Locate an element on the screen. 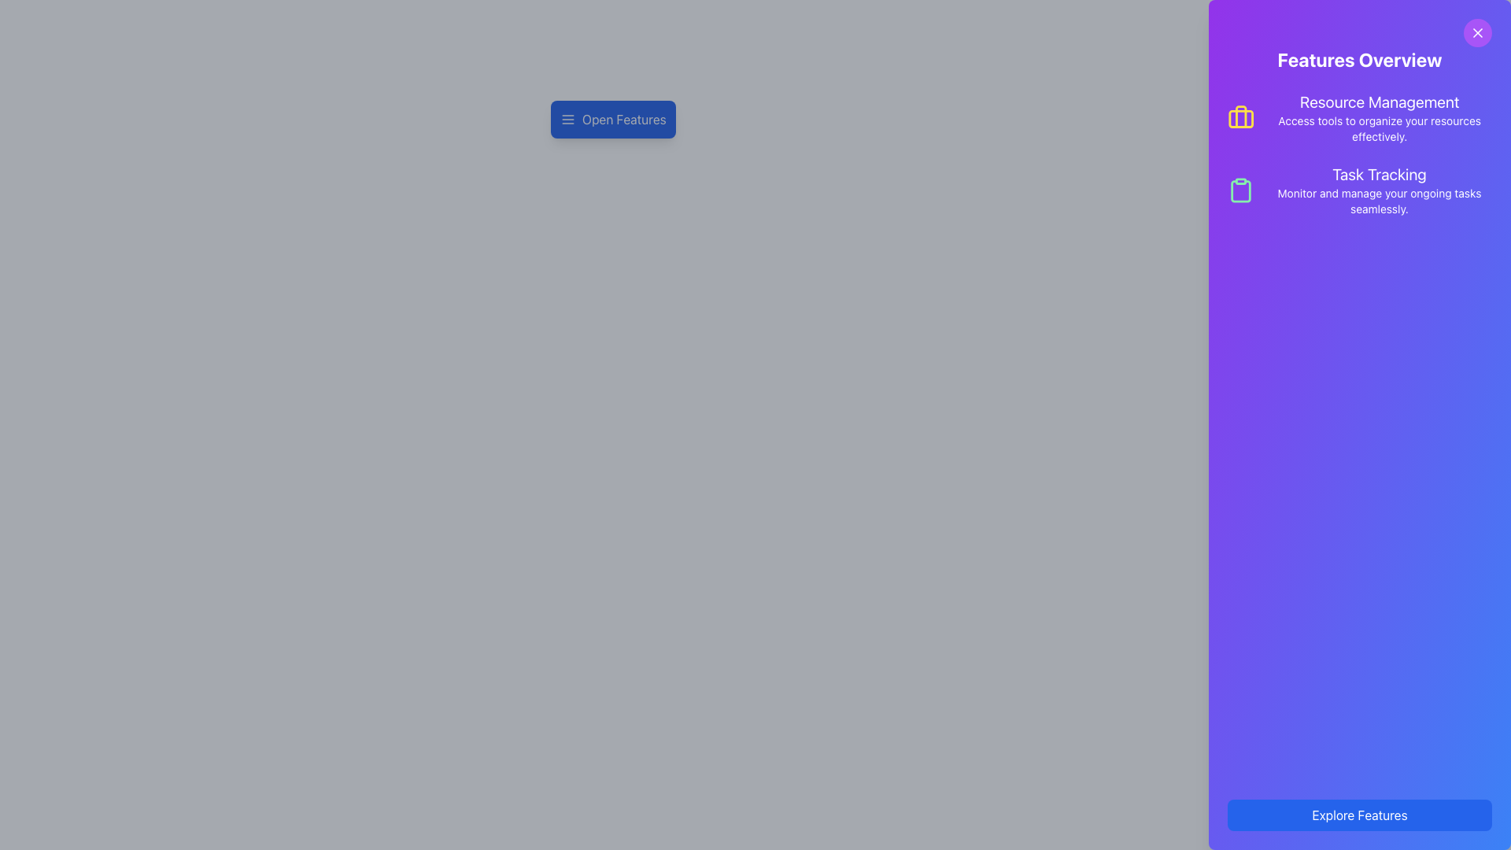  the Informative UI block located under the 'Features Overview' section, which introduces the resource management tools available in the application is located at coordinates (1359, 117).